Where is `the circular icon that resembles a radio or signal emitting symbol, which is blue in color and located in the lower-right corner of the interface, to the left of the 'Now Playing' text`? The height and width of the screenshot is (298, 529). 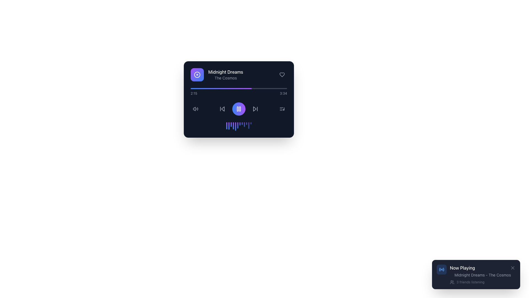
the circular icon that resembles a radio or signal emitting symbol, which is blue in color and located in the lower-right corner of the interface, to the left of the 'Now Playing' text is located at coordinates (442, 269).